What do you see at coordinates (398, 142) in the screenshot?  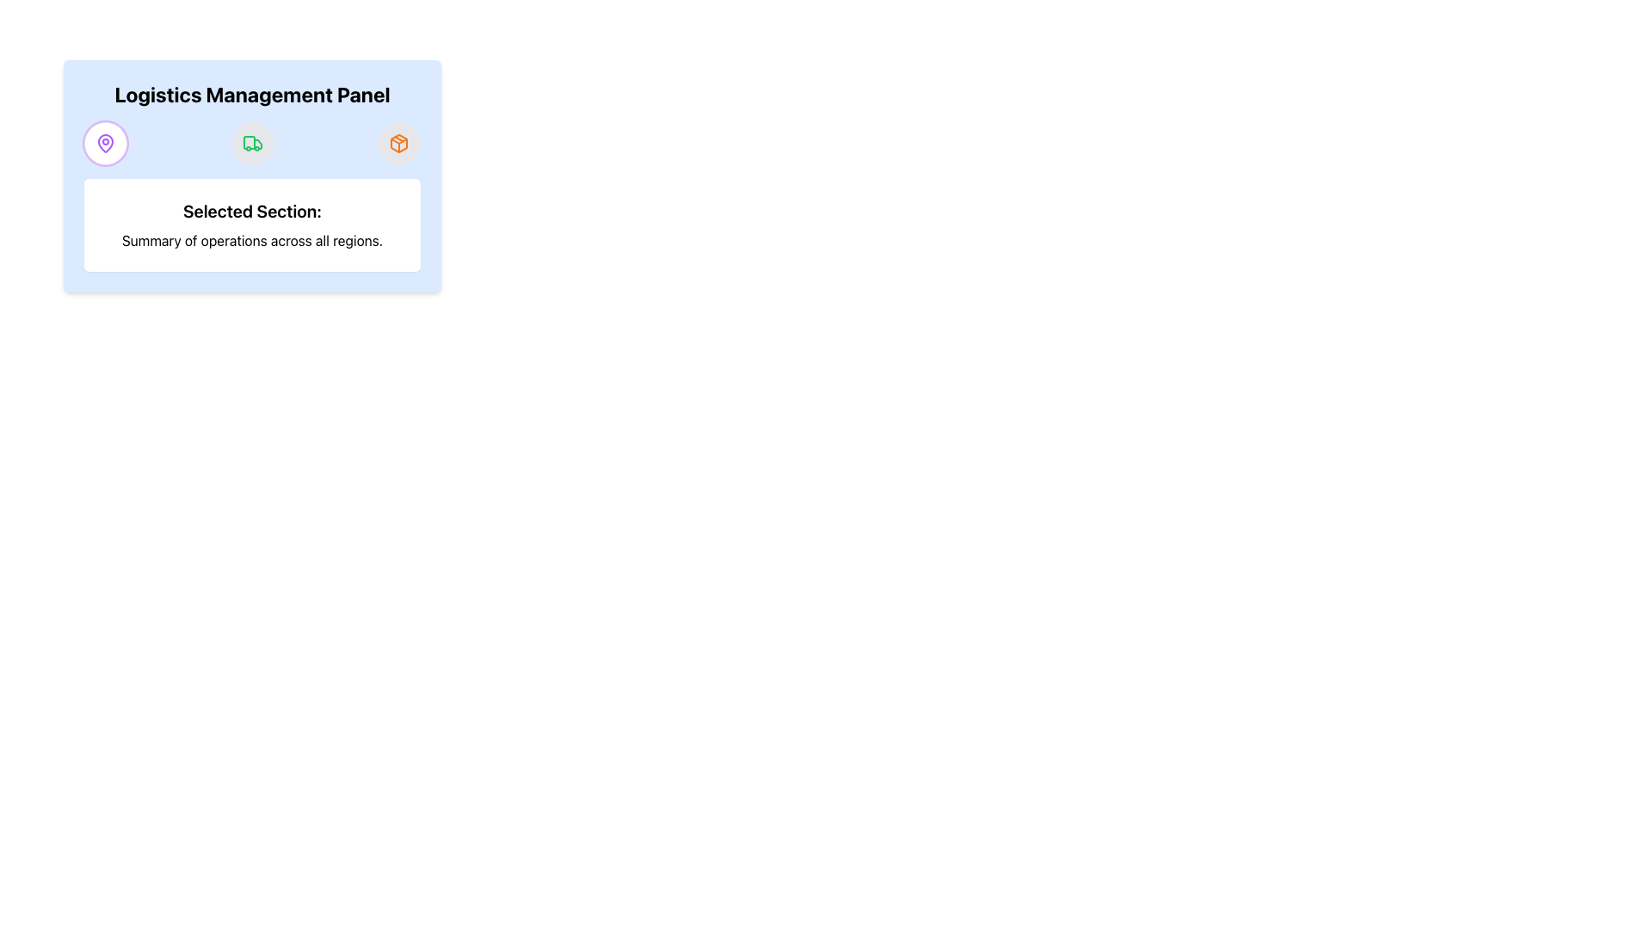 I see `the third icon button in the top-right corner of the 'Logistics Management Panel'` at bounding box center [398, 142].